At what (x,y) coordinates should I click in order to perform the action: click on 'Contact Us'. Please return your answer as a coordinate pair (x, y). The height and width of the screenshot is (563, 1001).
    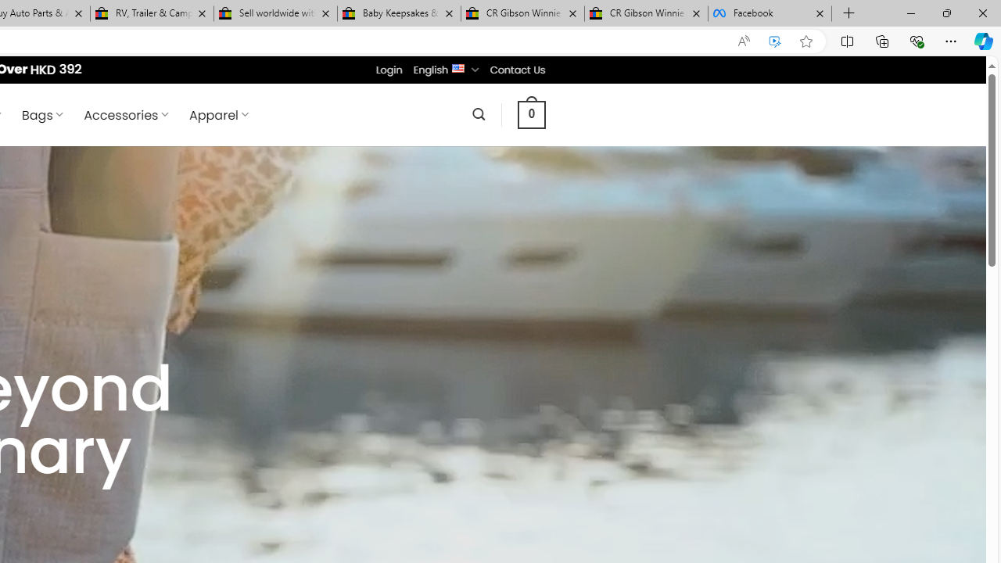
    Looking at the image, I should click on (517, 69).